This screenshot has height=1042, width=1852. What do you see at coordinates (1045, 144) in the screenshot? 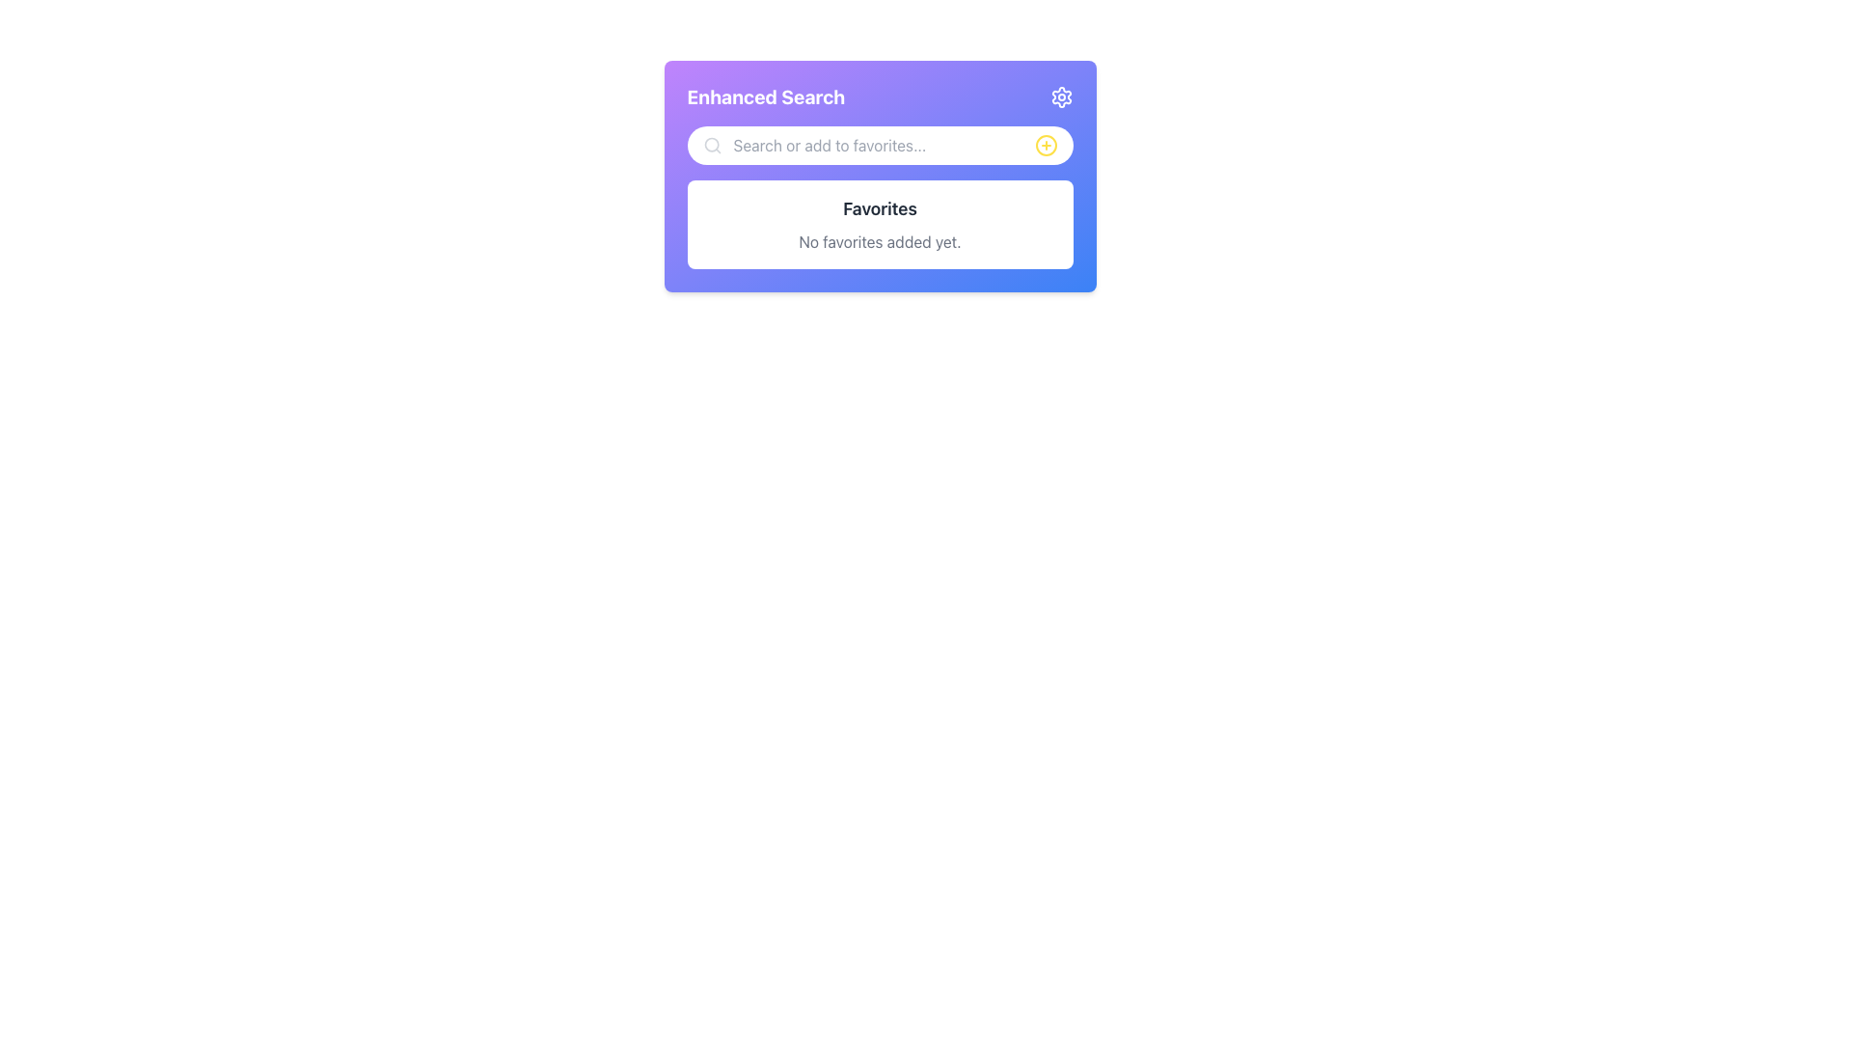
I see `the yellow SVG Circle with a diameter of 20 pixels located at the top-right corner of the search input bar` at bounding box center [1045, 144].